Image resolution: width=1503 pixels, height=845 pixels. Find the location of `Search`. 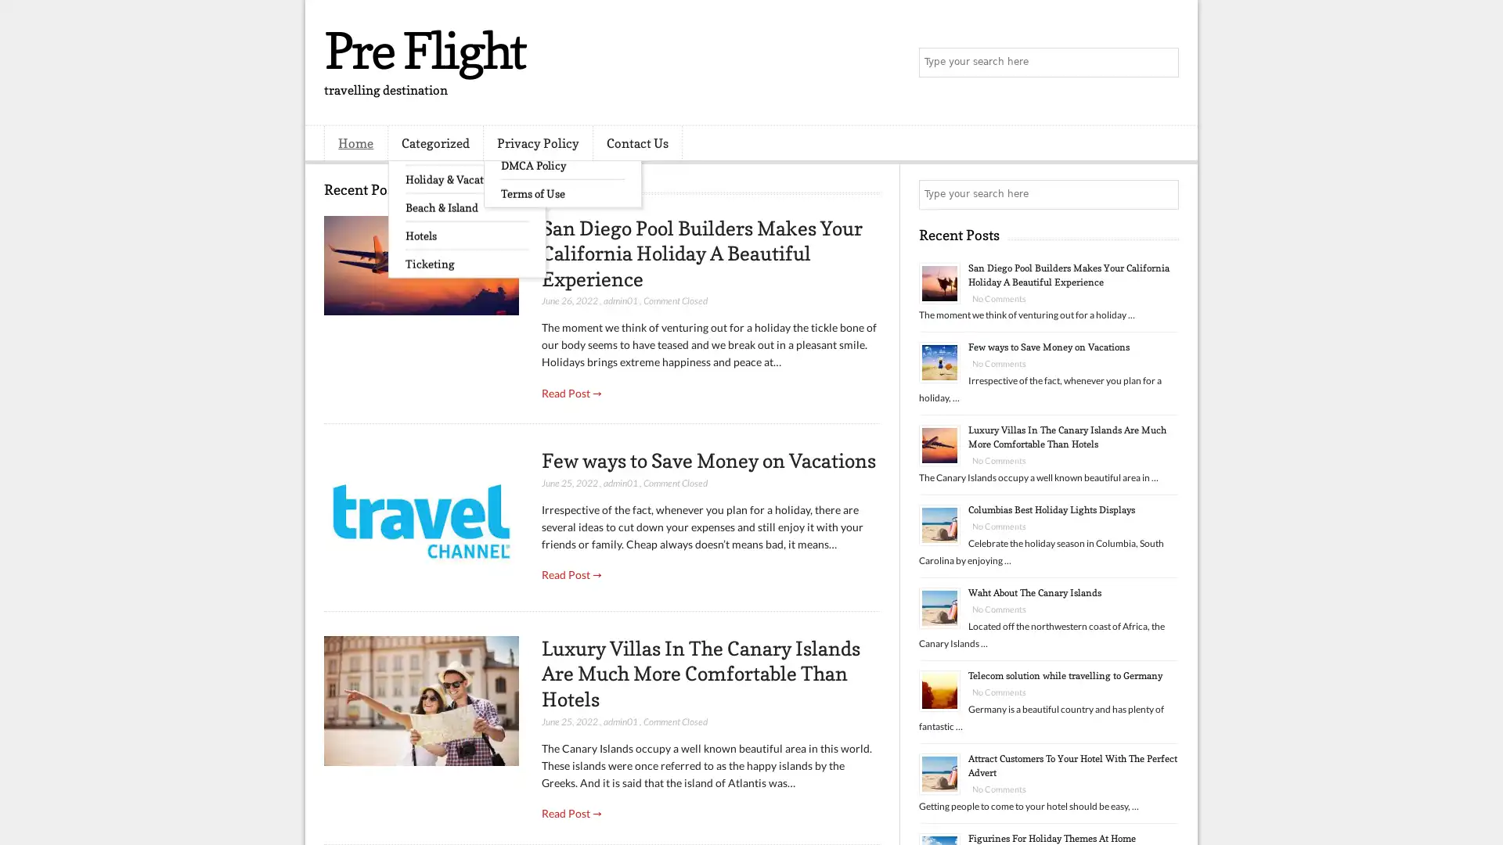

Search is located at coordinates (1162, 194).